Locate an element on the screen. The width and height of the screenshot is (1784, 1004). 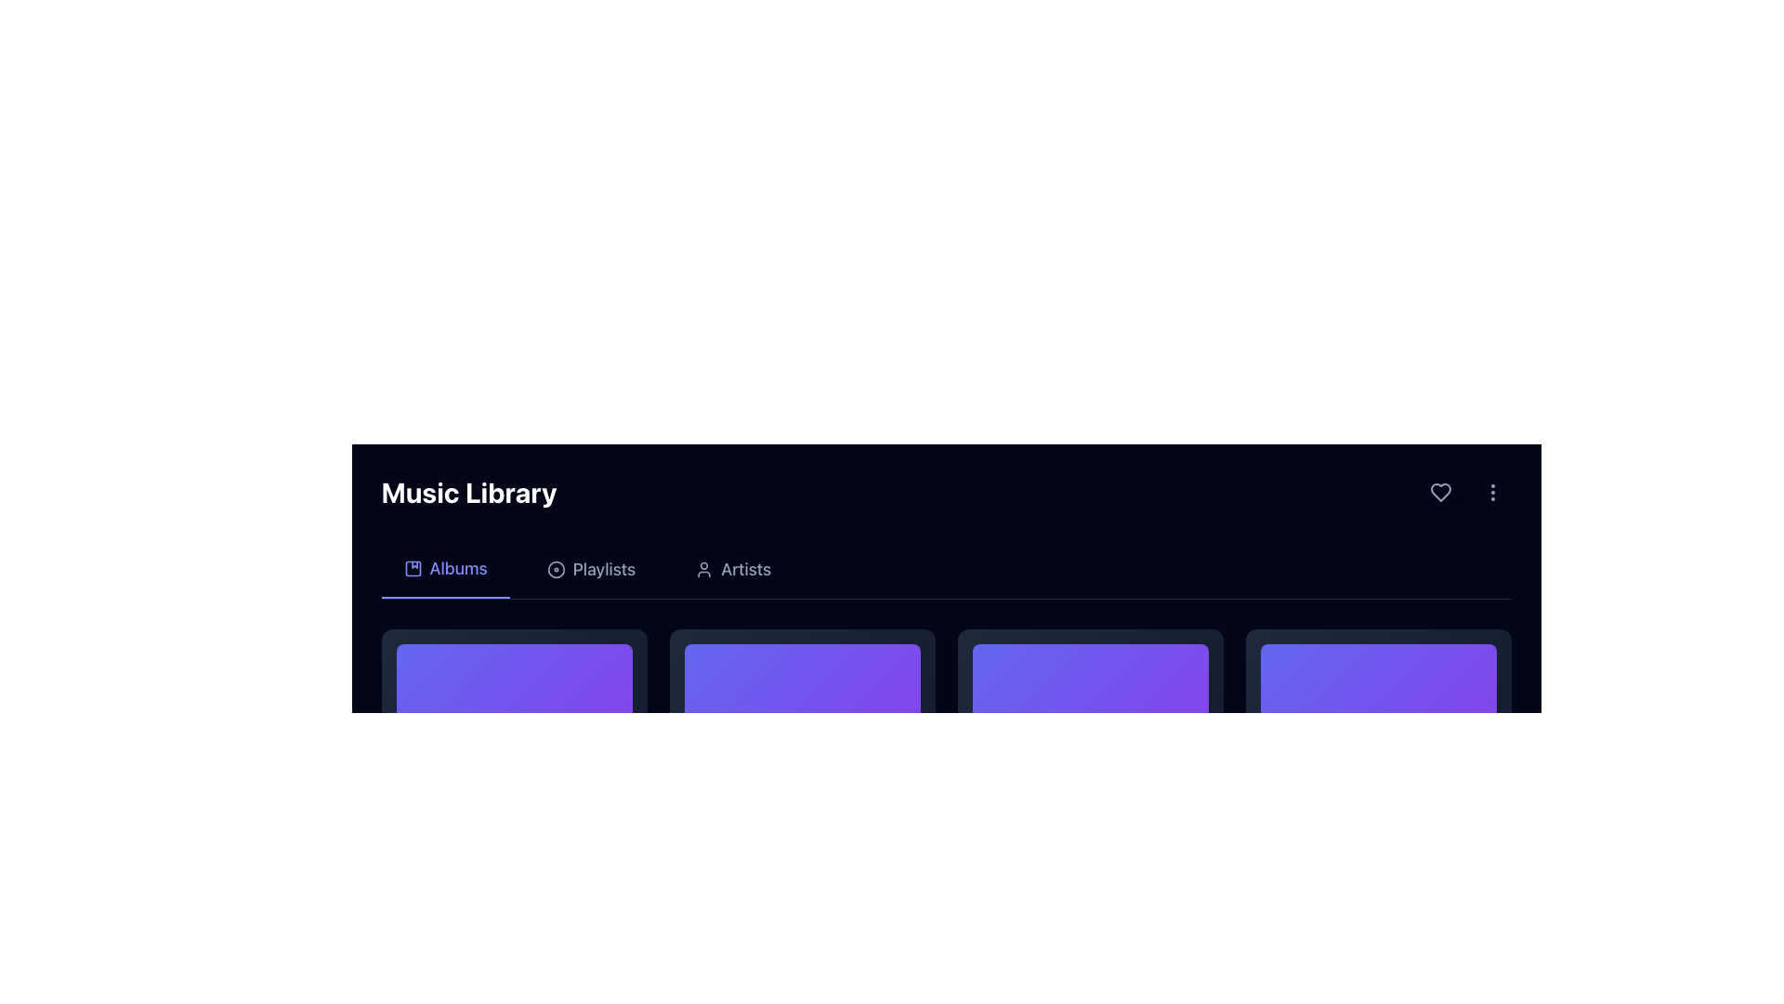
the interactive music card located in the first column of the grid layout in the 'Music Library' interface, which provides information about the specific music track or playlist is located at coordinates (514, 802).